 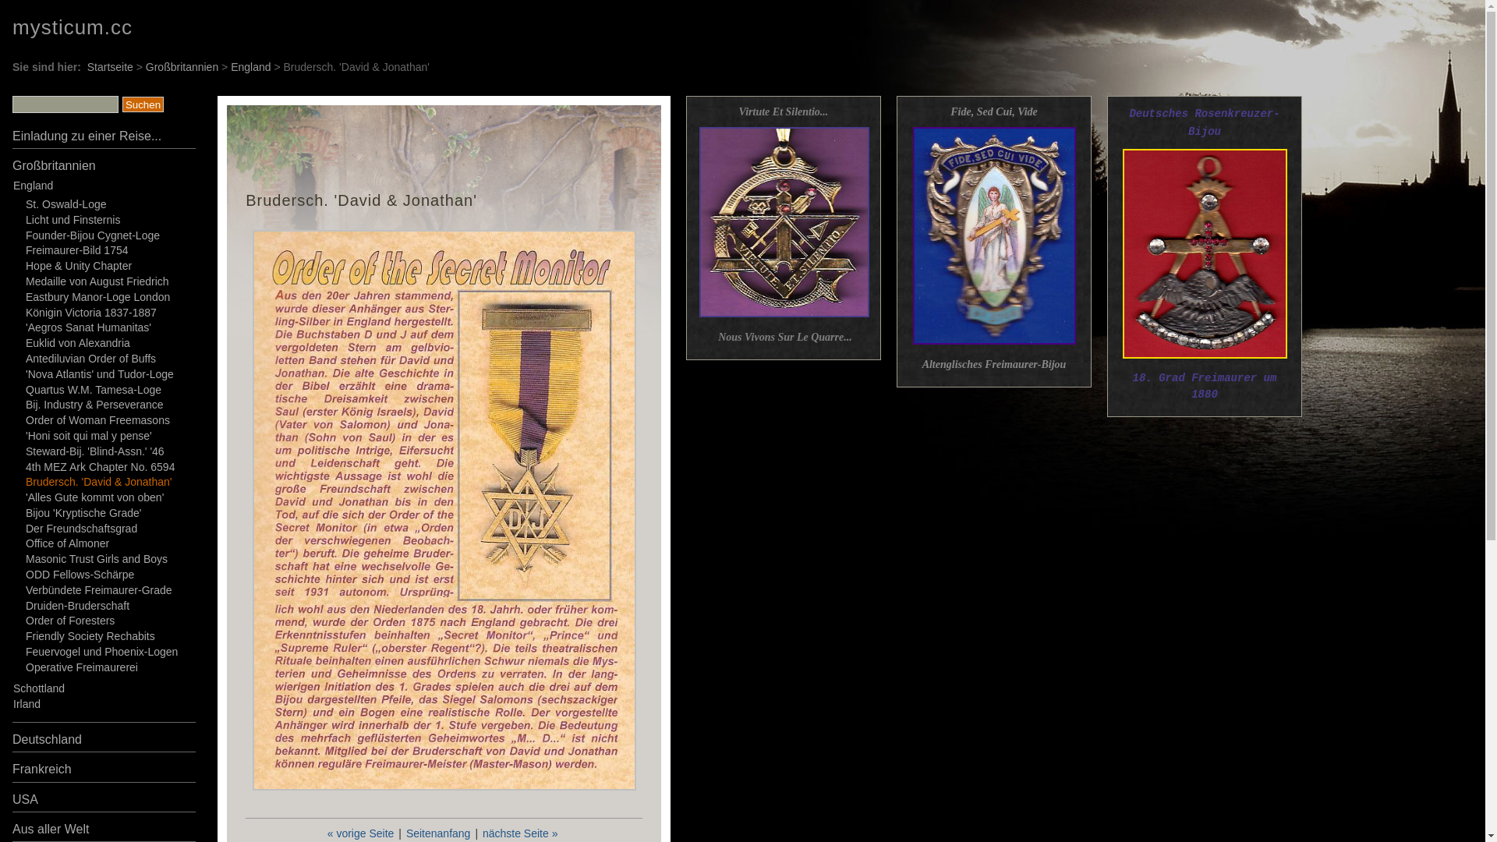 What do you see at coordinates (99, 465) in the screenshot?
I see `'4th MEZ Ark Chapter No. 6594'` at bounding box center [99, 465].